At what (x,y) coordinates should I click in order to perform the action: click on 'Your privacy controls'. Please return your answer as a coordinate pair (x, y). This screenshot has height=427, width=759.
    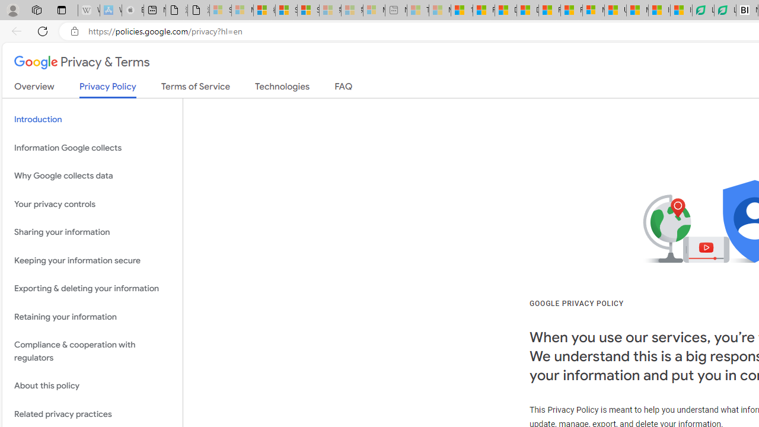
    Looking at the image, I should click on (92, 203).